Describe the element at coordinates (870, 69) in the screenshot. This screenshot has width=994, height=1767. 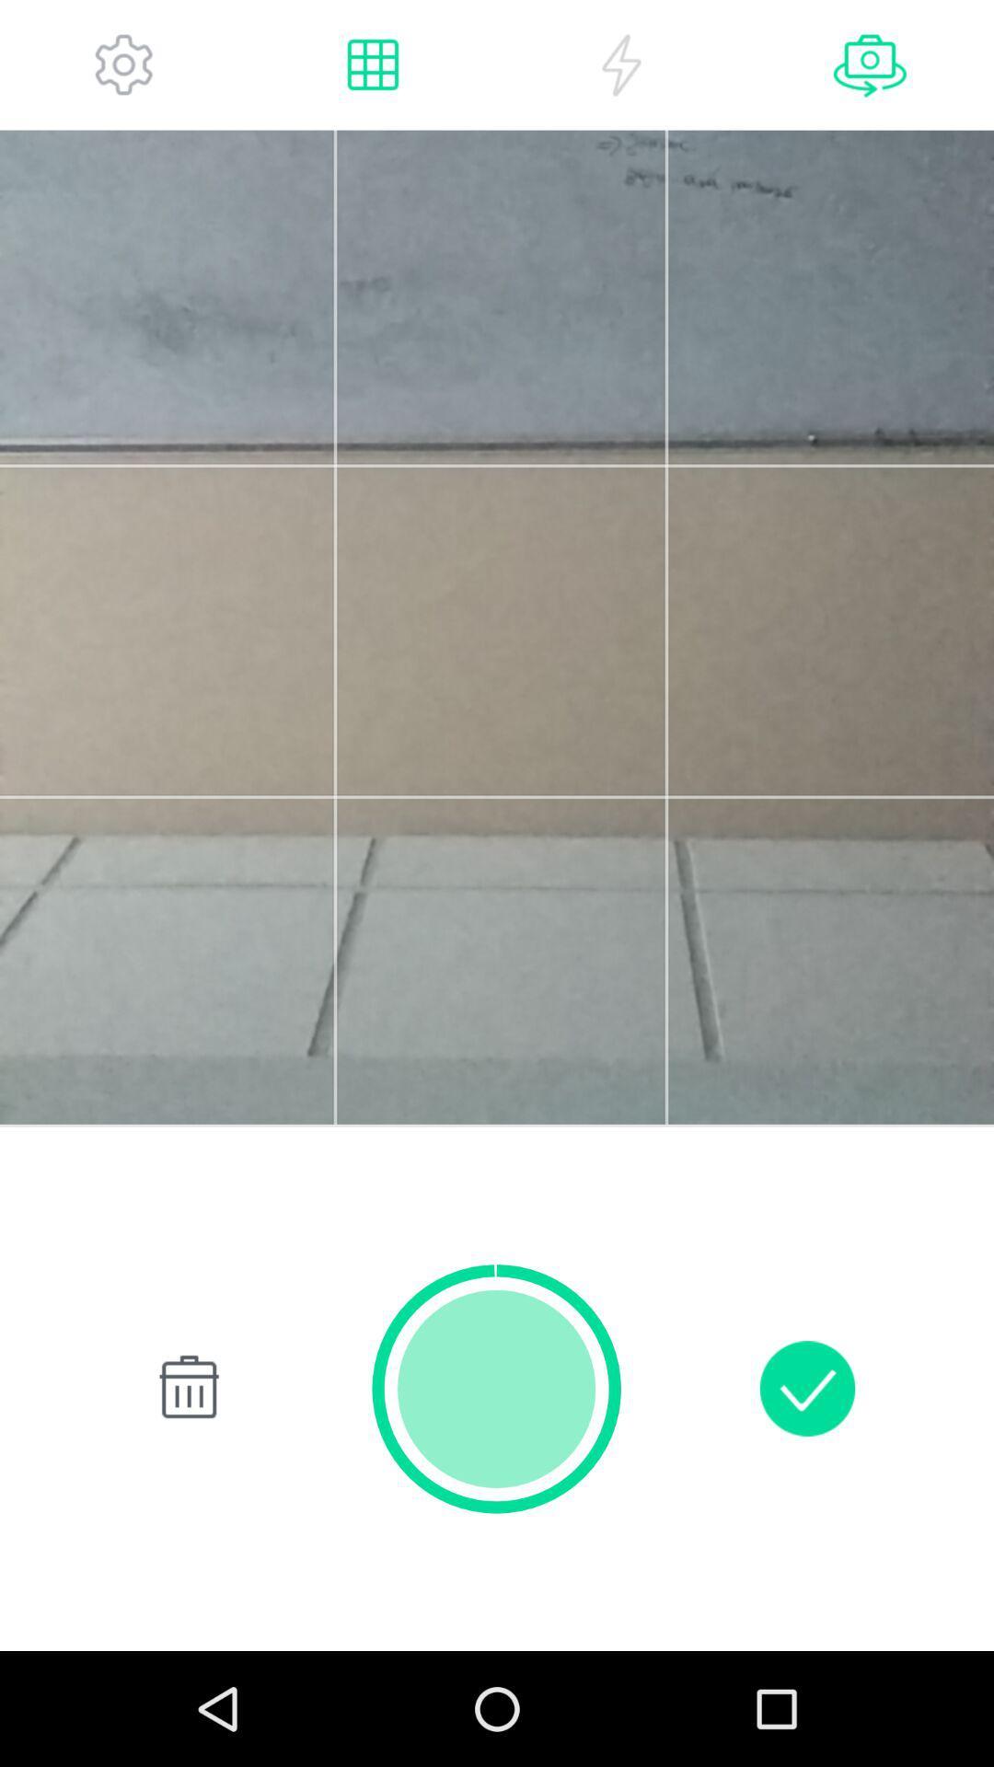
I see `the microphone icon` at that location.